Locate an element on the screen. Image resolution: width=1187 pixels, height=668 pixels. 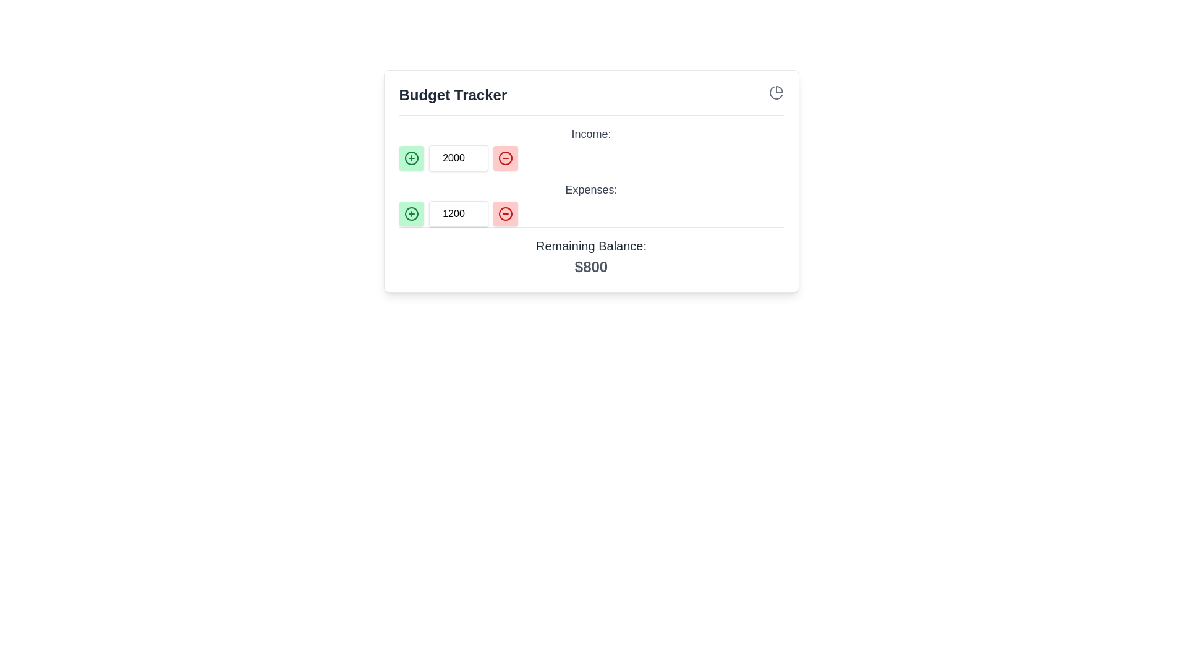
the circular red button with a minus sign inside it, located to the right of the input box displaying '1200' in the budget tracker interface for the second line item labeled 'Expenses' is located at coordinates (505, 213).